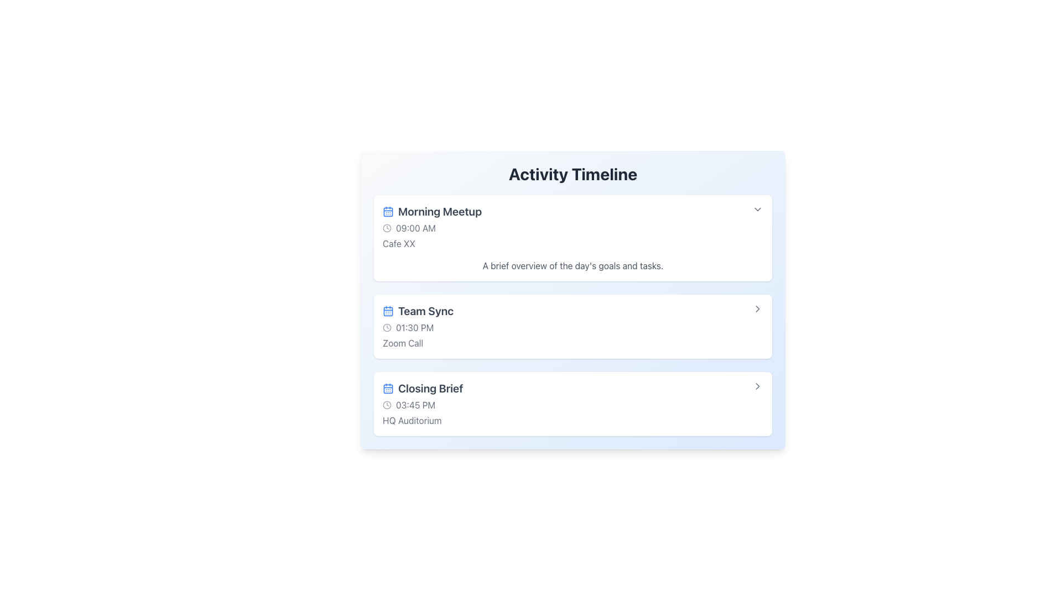  What do you see at coordinates (573, 266) in the screenshot?
I see `text label providing details for the 'Morning Meetup', located at the bottom of the entry in the 'Activity Timeline'` at bounding box center [573, 266].